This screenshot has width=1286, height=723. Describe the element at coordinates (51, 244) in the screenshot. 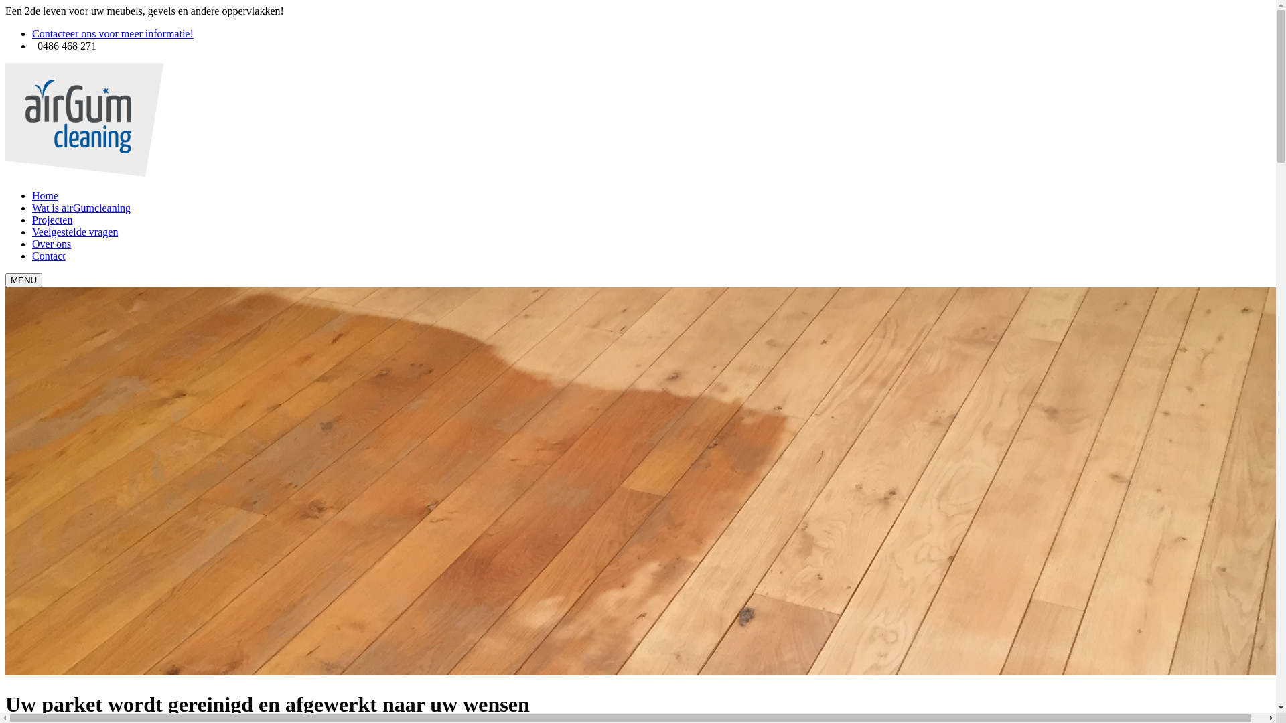

I see `'Over ons'` at that location.